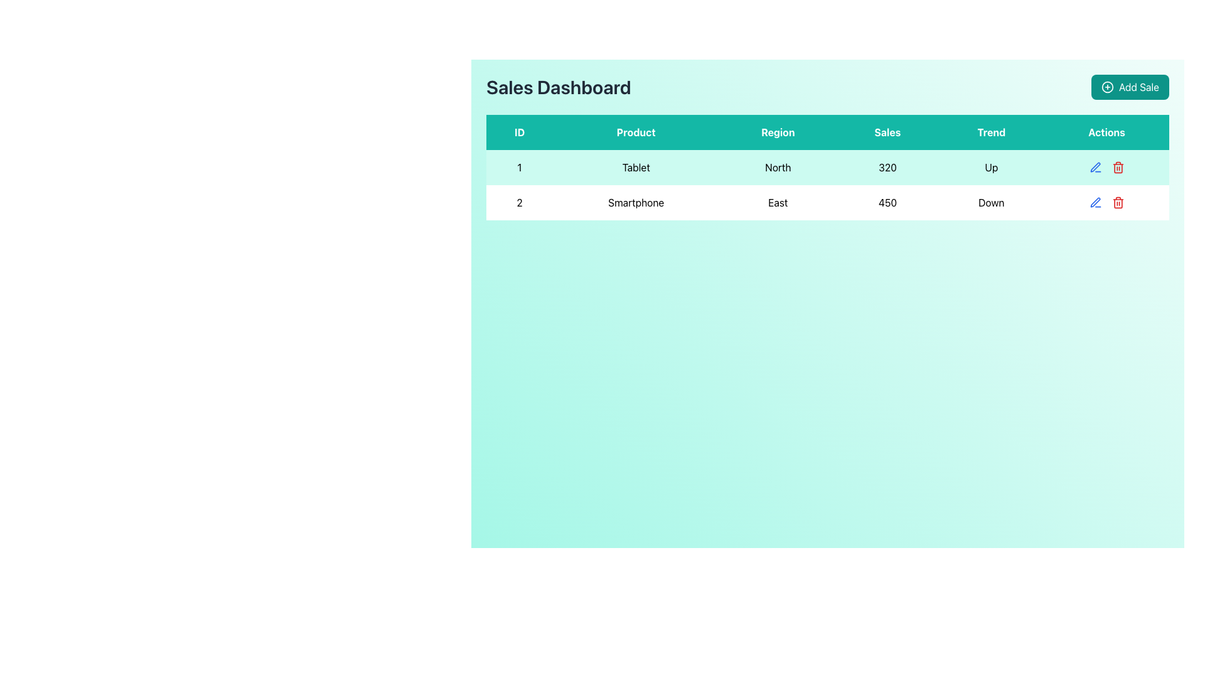  I want to click on the 'Actions' header cell in the table, which is the last header following 'ID', 'Product', 'Region', 'Sales', and 'Trend', so click(1106, 132).